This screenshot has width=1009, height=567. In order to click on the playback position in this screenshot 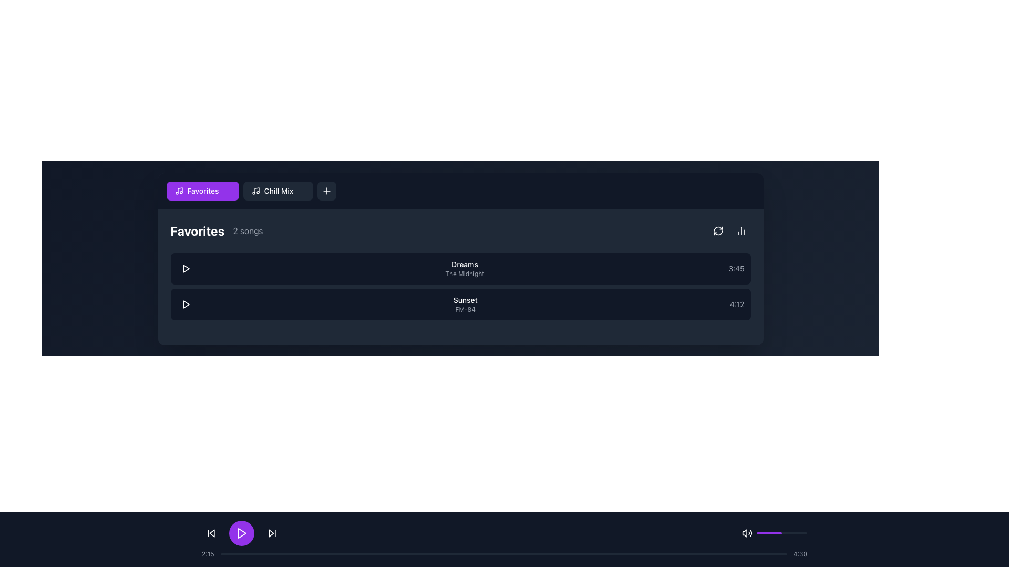, I will do `click(379, 554)`.